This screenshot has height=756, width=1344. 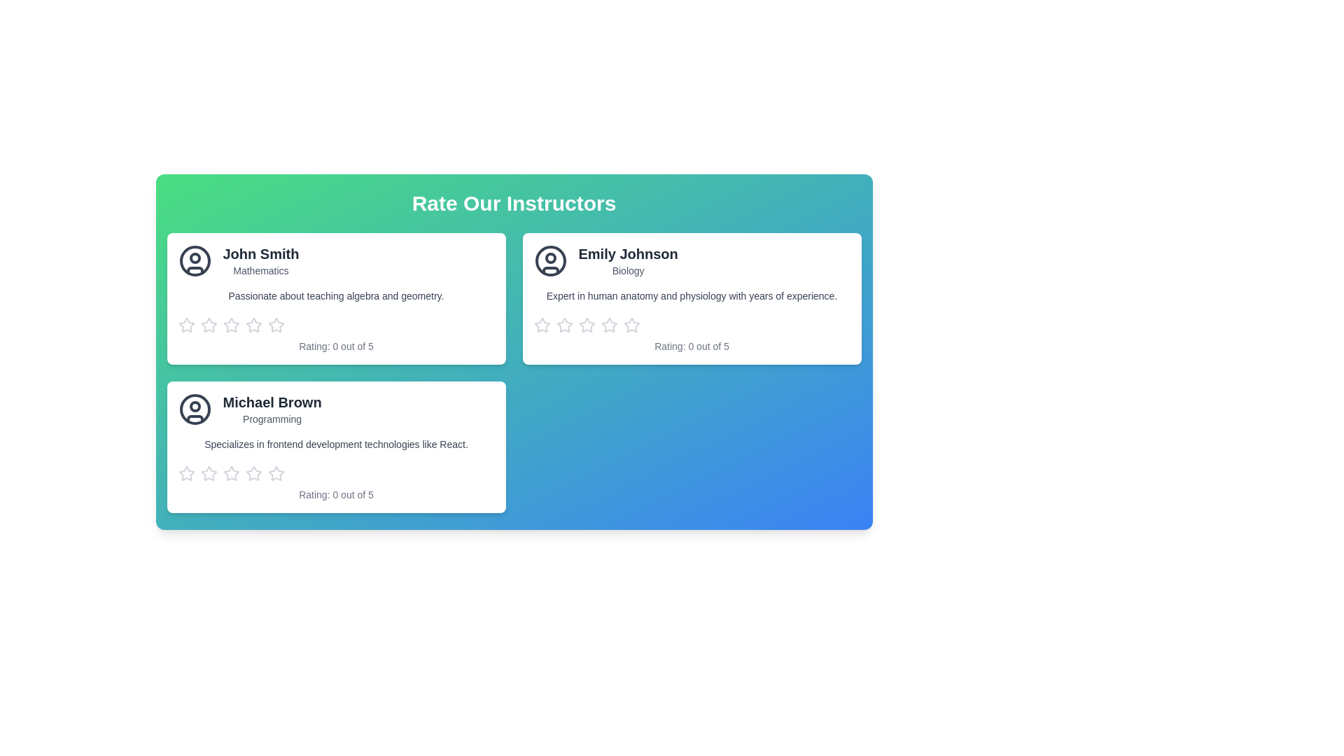 What do you see at coordinates (185, 473) in the screenshot?
I see `the first star icon in the group of five stars located below the 'Michael Brown' profile card in the 'Rate Our Instructors' section` at bounding box center [185, 473].